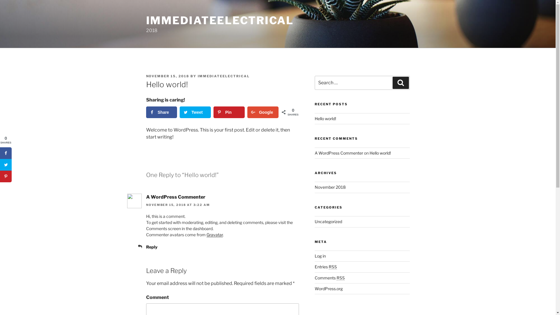 This screenshot has width=560, height=315. What do you see at coordinates (167, 76) in the screenshot?
I see `'NOVEMBER 15, 2018'` at bounding box center [167, 76].